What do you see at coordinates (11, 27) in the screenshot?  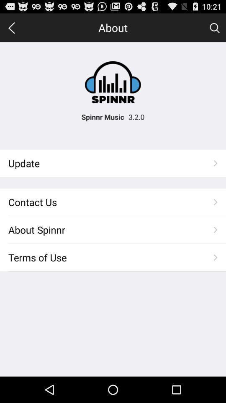 I see `icon on the left side of about` at bounding box center [11, 27].